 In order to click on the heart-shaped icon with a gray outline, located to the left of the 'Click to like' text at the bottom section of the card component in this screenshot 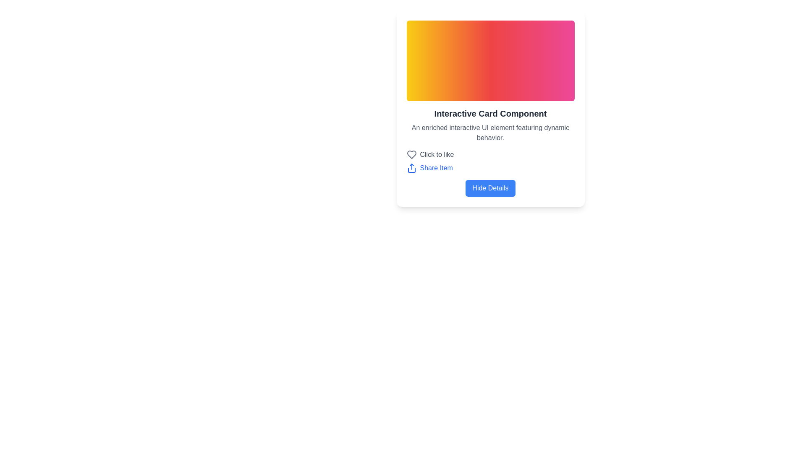, I will do `click(411, 155)`.